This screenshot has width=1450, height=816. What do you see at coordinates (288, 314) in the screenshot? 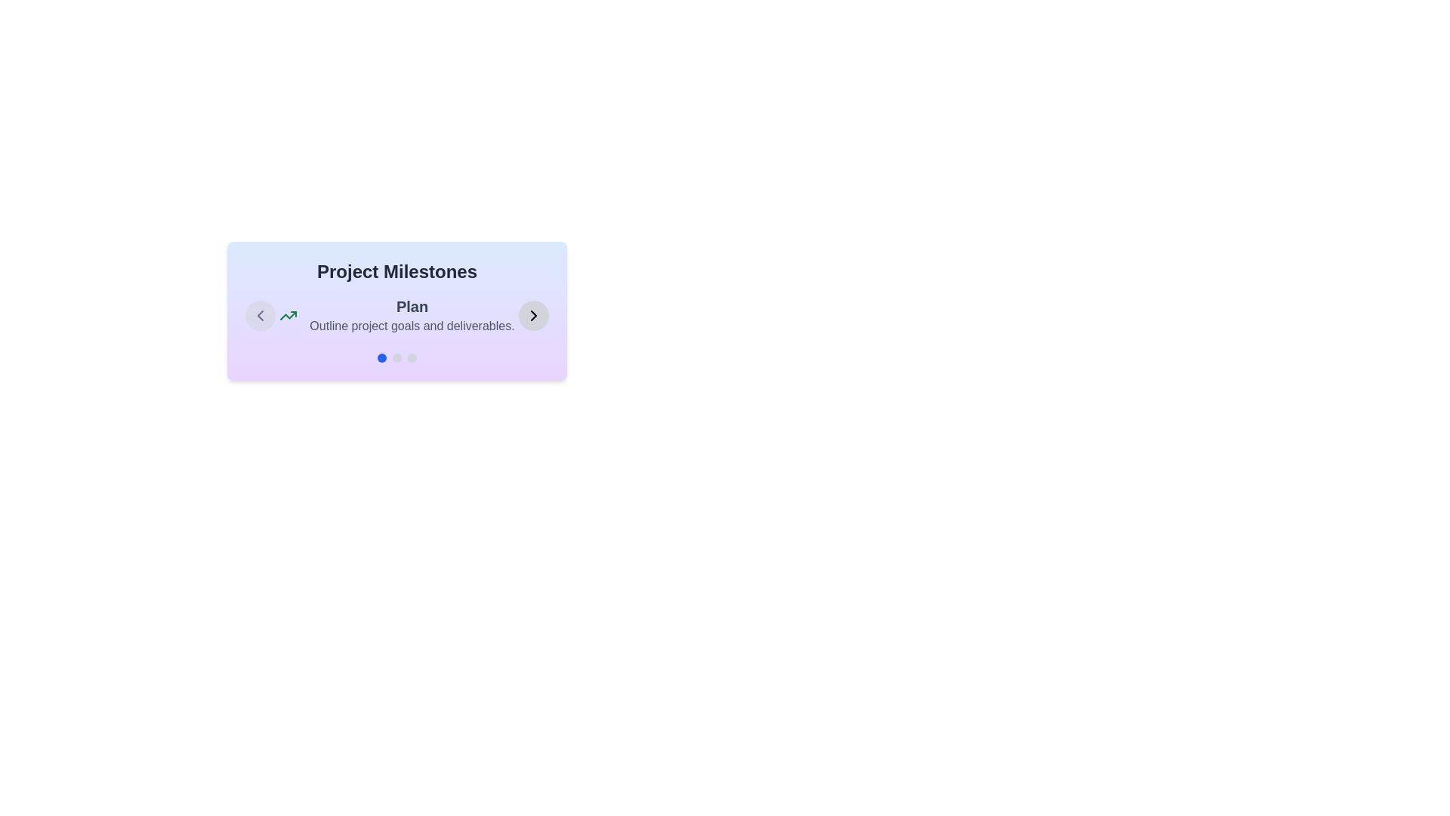
I see `the milestone's associated icon` at bounding box center [288, 314].